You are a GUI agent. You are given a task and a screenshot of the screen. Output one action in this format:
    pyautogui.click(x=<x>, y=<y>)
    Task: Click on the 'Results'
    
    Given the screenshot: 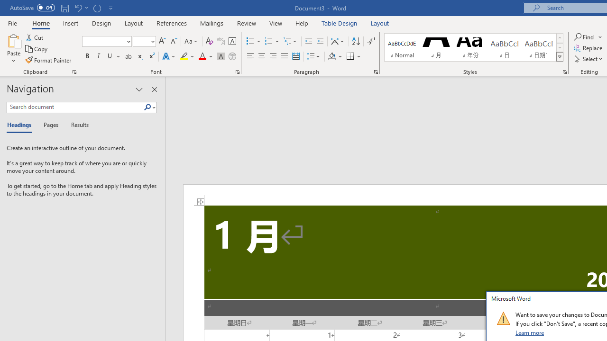 What is the action you would take?
    pyautogui.click(x=76, y=125)
    